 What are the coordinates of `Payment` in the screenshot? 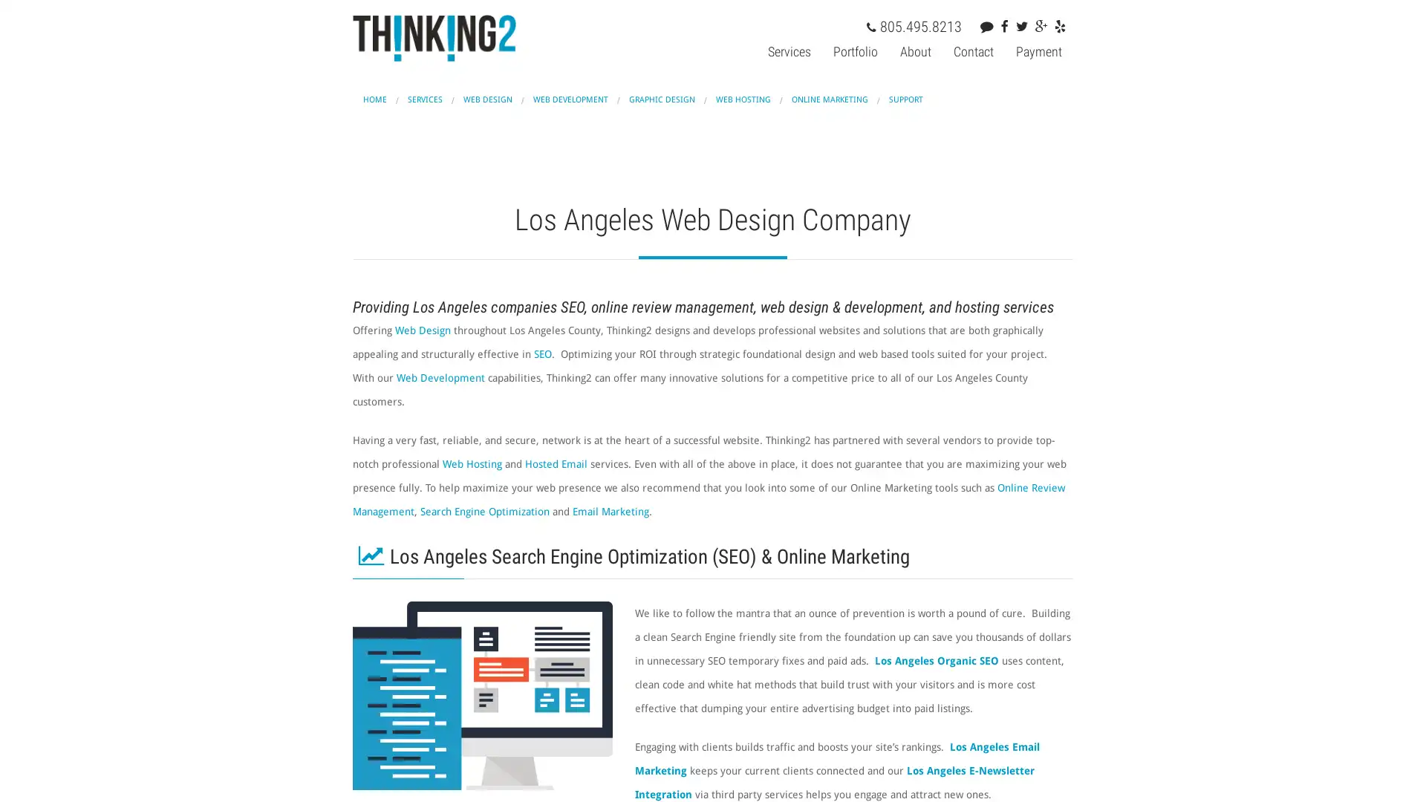 It's located at (1038, 50).